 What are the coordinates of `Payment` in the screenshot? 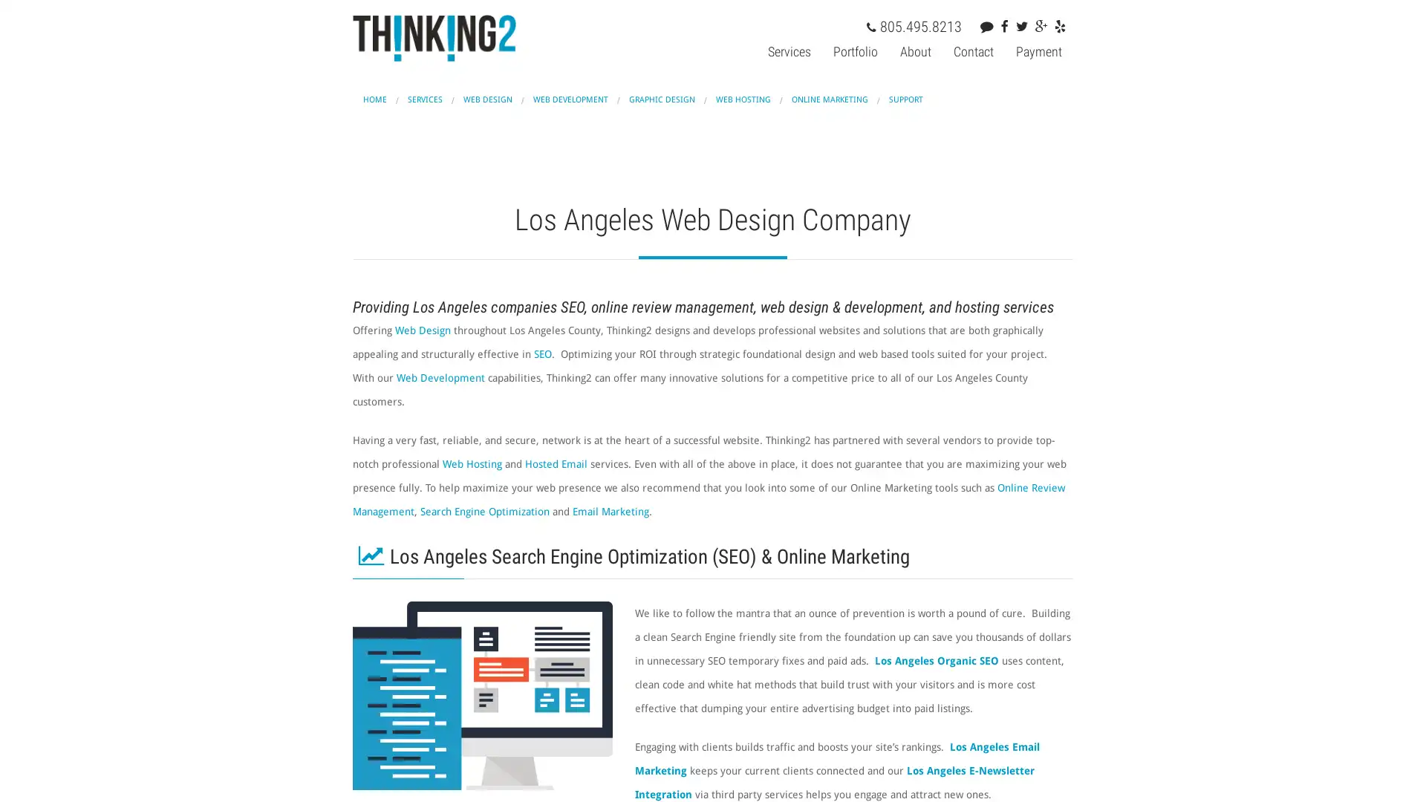 It's located at (1038, 50).